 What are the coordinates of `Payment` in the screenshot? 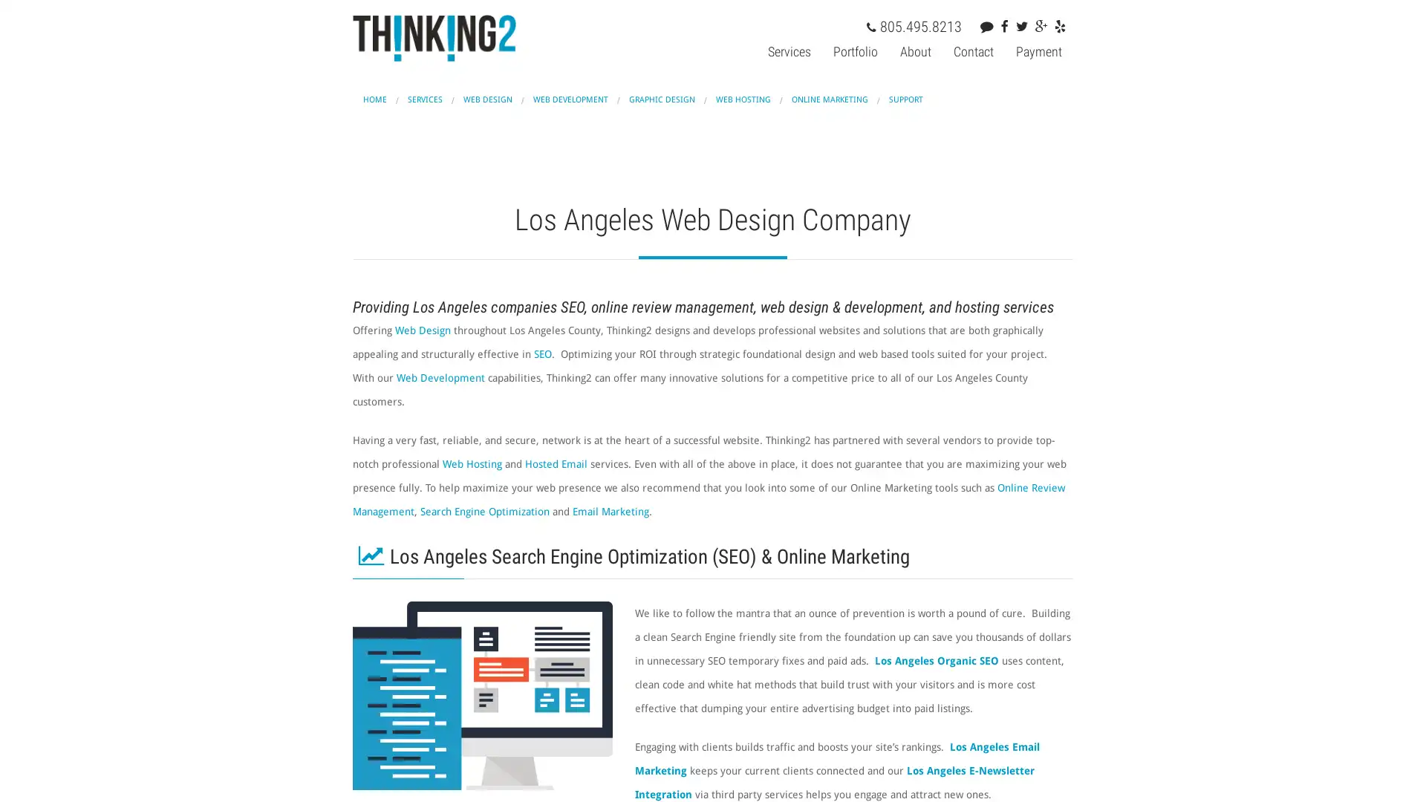 It's located at (1038, 50).